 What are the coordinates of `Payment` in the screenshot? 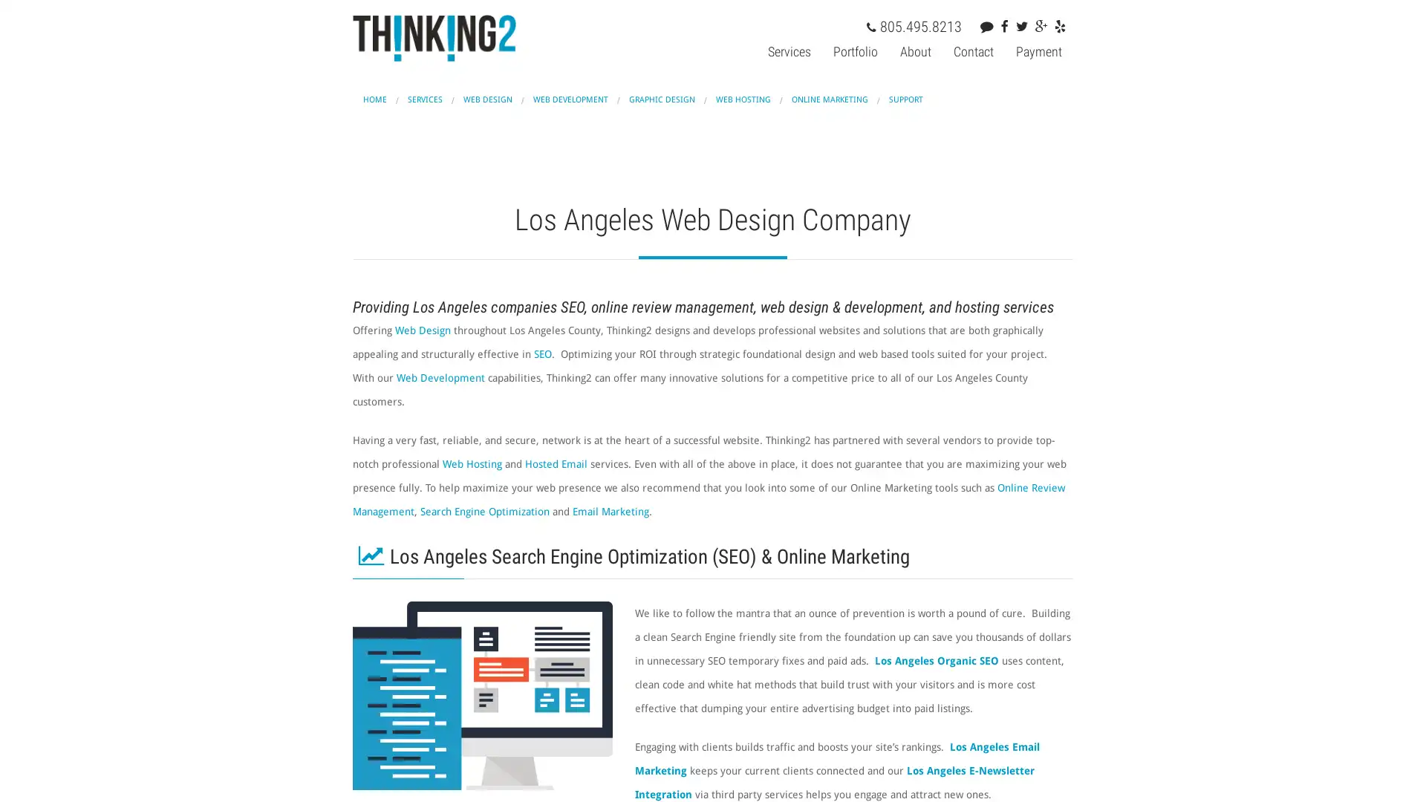 It's located at (1038, 50).